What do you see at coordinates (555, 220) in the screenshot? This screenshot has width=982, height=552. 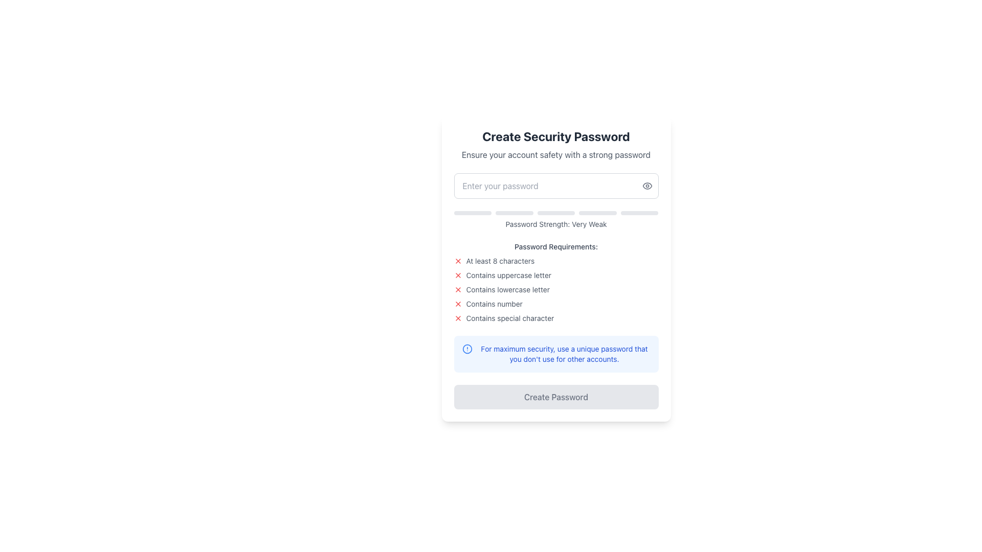 I see `the text label displaying 'Password Strength: Very Weak', which is centrally aligned below the password input field and above the password requirements list` at bounding box center [555, 220].